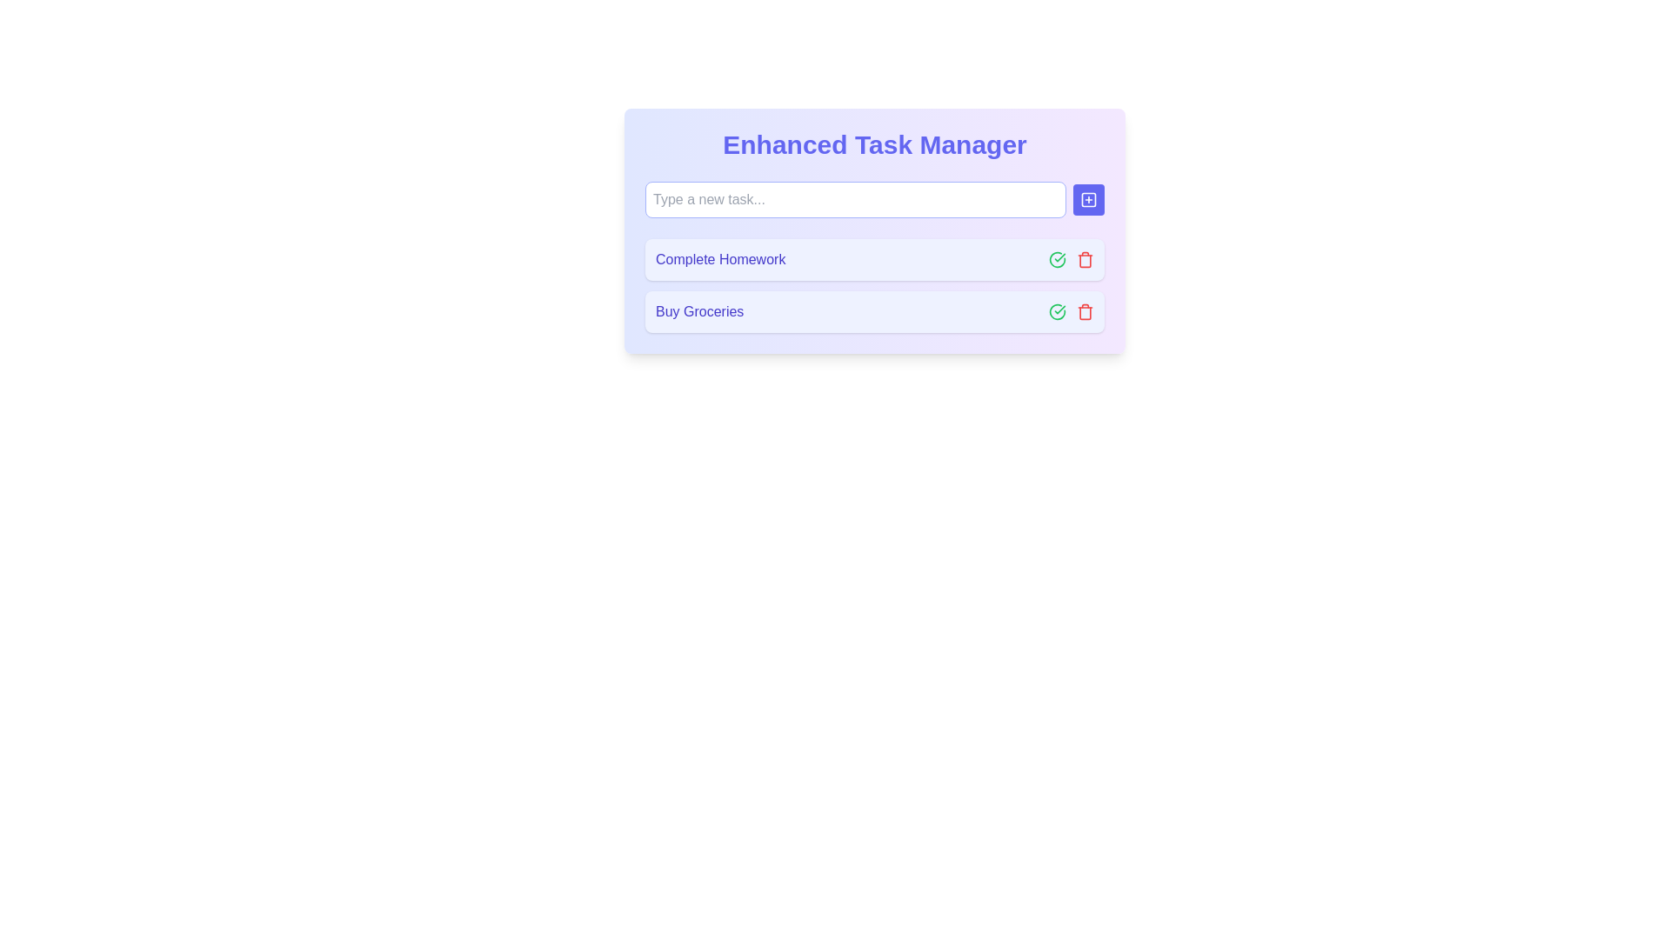  What do you see at coordinates (699, 310) in the screenshot?
I see `the text label reading 'Buy Groceries', styled with an indigo font color and medium font weight, which is the second item in the vertical task list` at bounding box center [699, 310].